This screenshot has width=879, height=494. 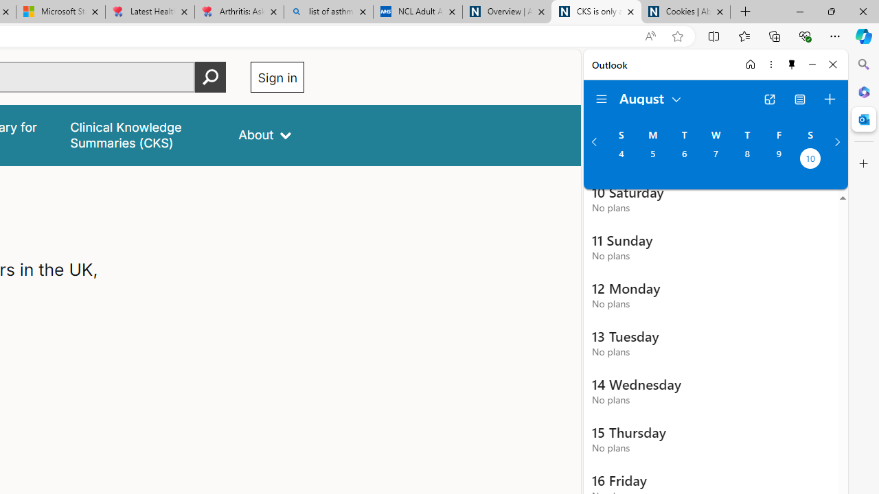 I want to click on 'Sign in', so click(x=277, y=77).